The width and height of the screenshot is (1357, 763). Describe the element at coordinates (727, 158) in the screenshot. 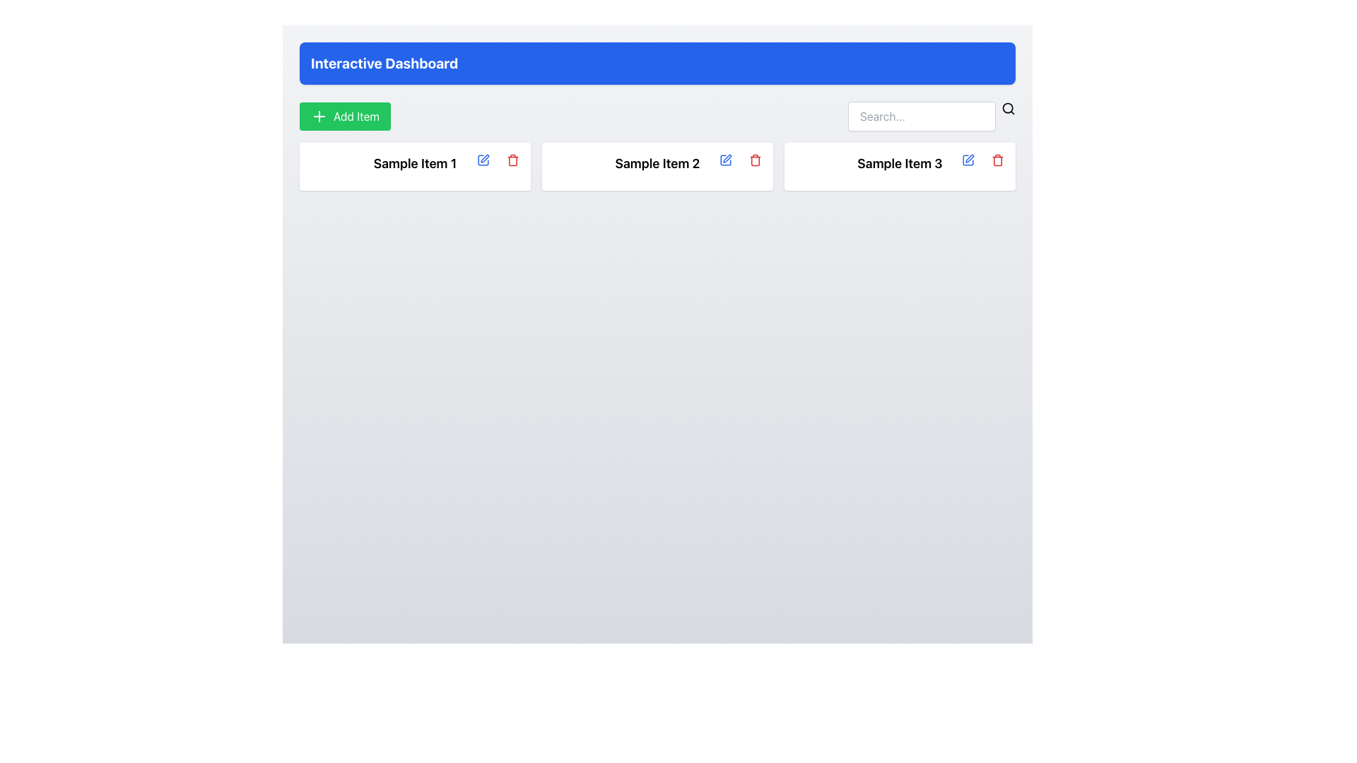

I see `the pen icon button located in the top-right corner of the card labeled 'Sample Item 2', which is the second icon among the action links` at that location.